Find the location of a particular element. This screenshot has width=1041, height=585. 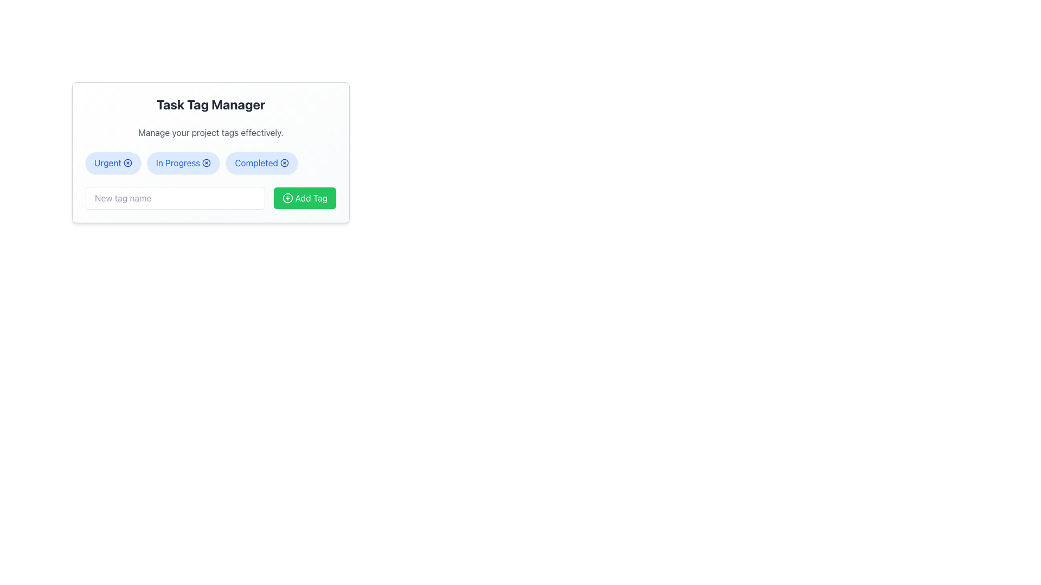

the circular outline of the close button located adjacent to the 'In Progress' tag is located at coordinates (207, 162).